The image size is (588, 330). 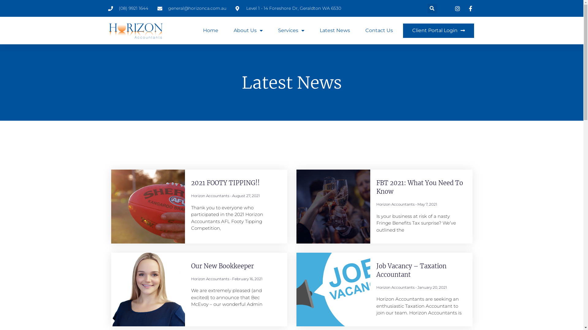 I want to click on 'general@horizonca.com.au', so click(x=191, y=8).